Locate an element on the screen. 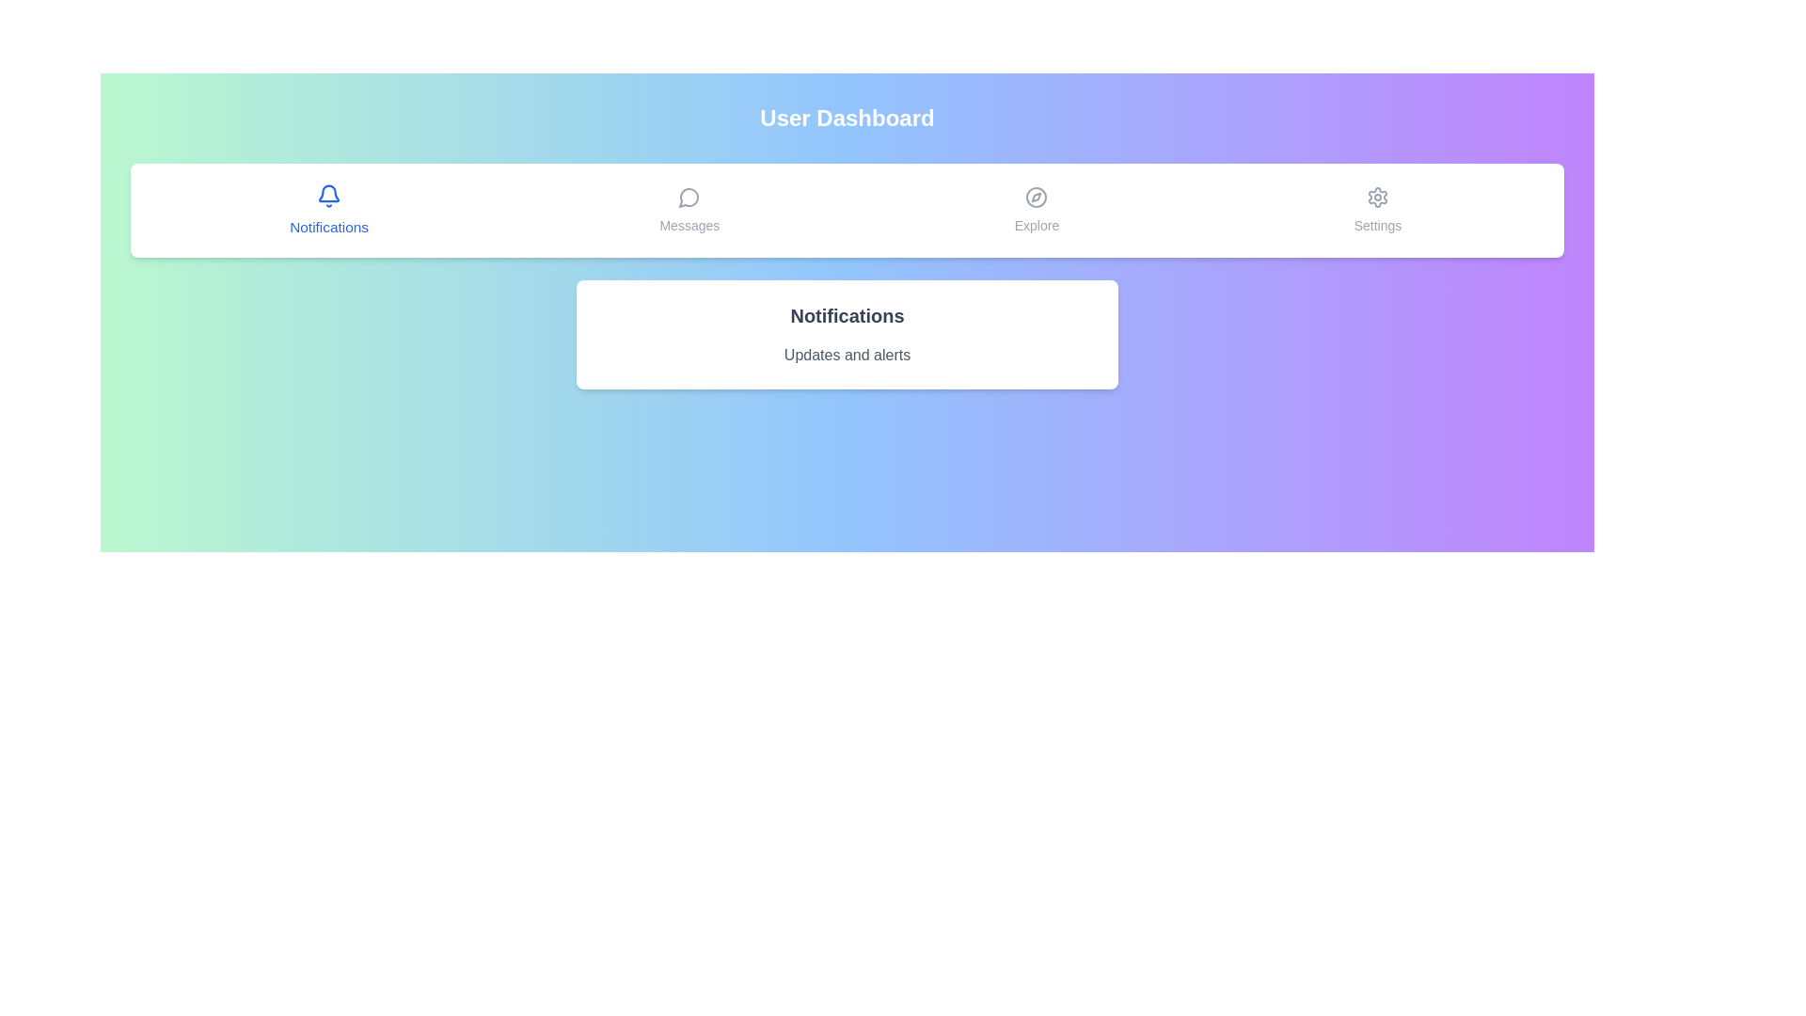 The width and height of the screenshot is (1806, 1016). the tab labeled Explore to observe its hover effect is located at coordinates (1036, 210).